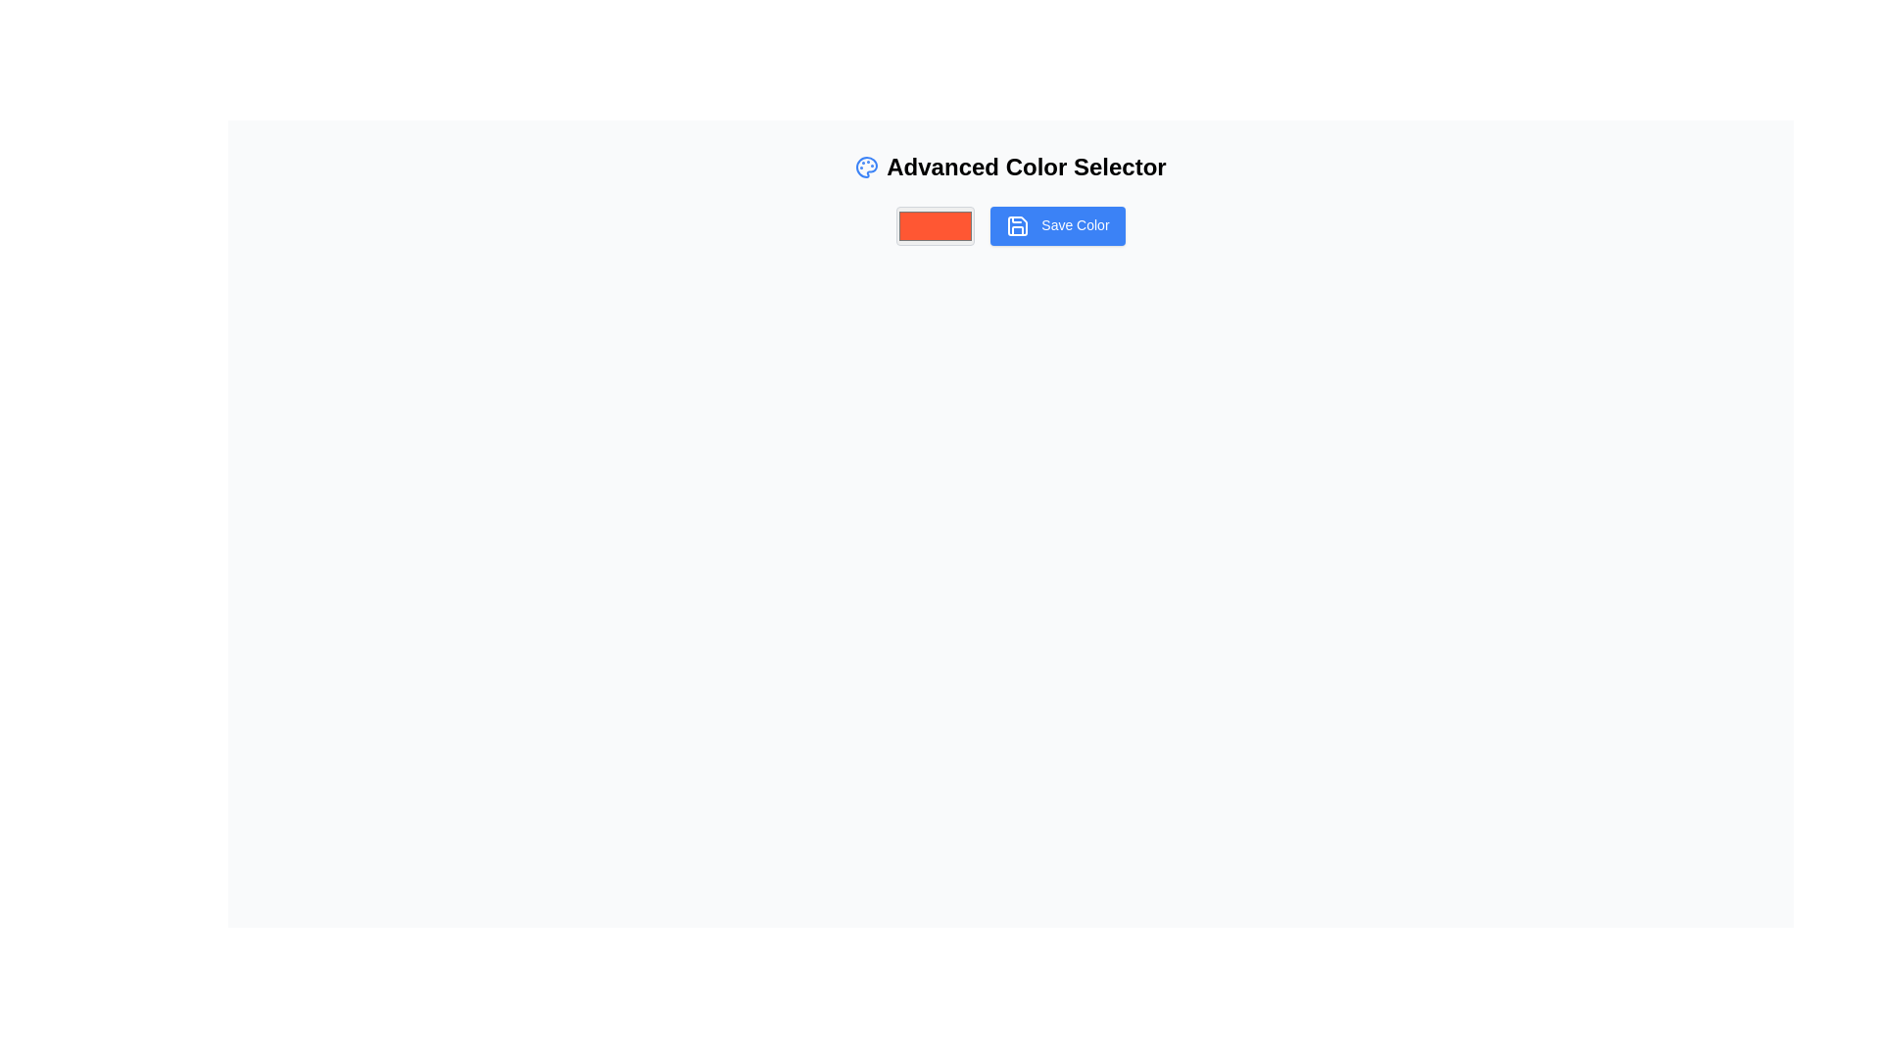  What do you see at coordinates (1057, 225) in the screenshot?
I see `the 'Save Color' button, which has a blue background and a floppy disk icon` at bounding box center [1057, 225].